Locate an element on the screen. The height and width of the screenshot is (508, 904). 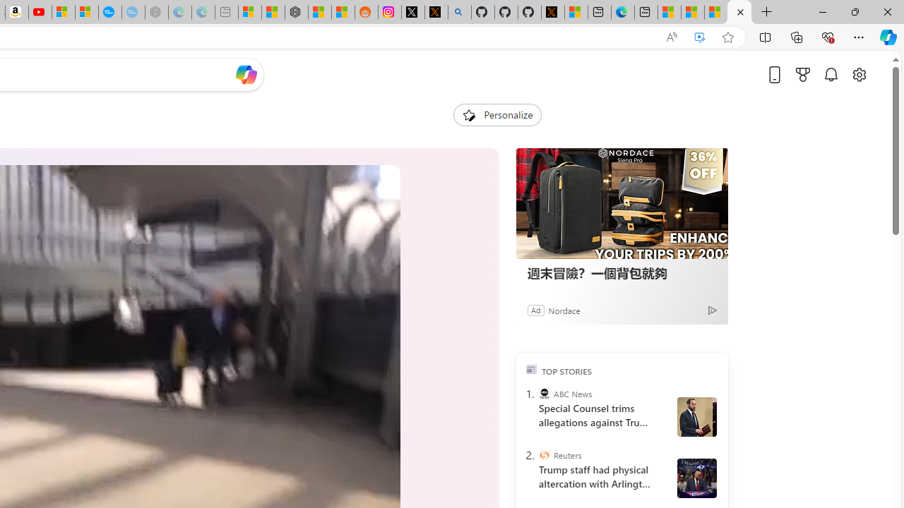
'Nordace - Nordace has arrived Hong Kong - Sleeping' is located at coordinates (157, 12).